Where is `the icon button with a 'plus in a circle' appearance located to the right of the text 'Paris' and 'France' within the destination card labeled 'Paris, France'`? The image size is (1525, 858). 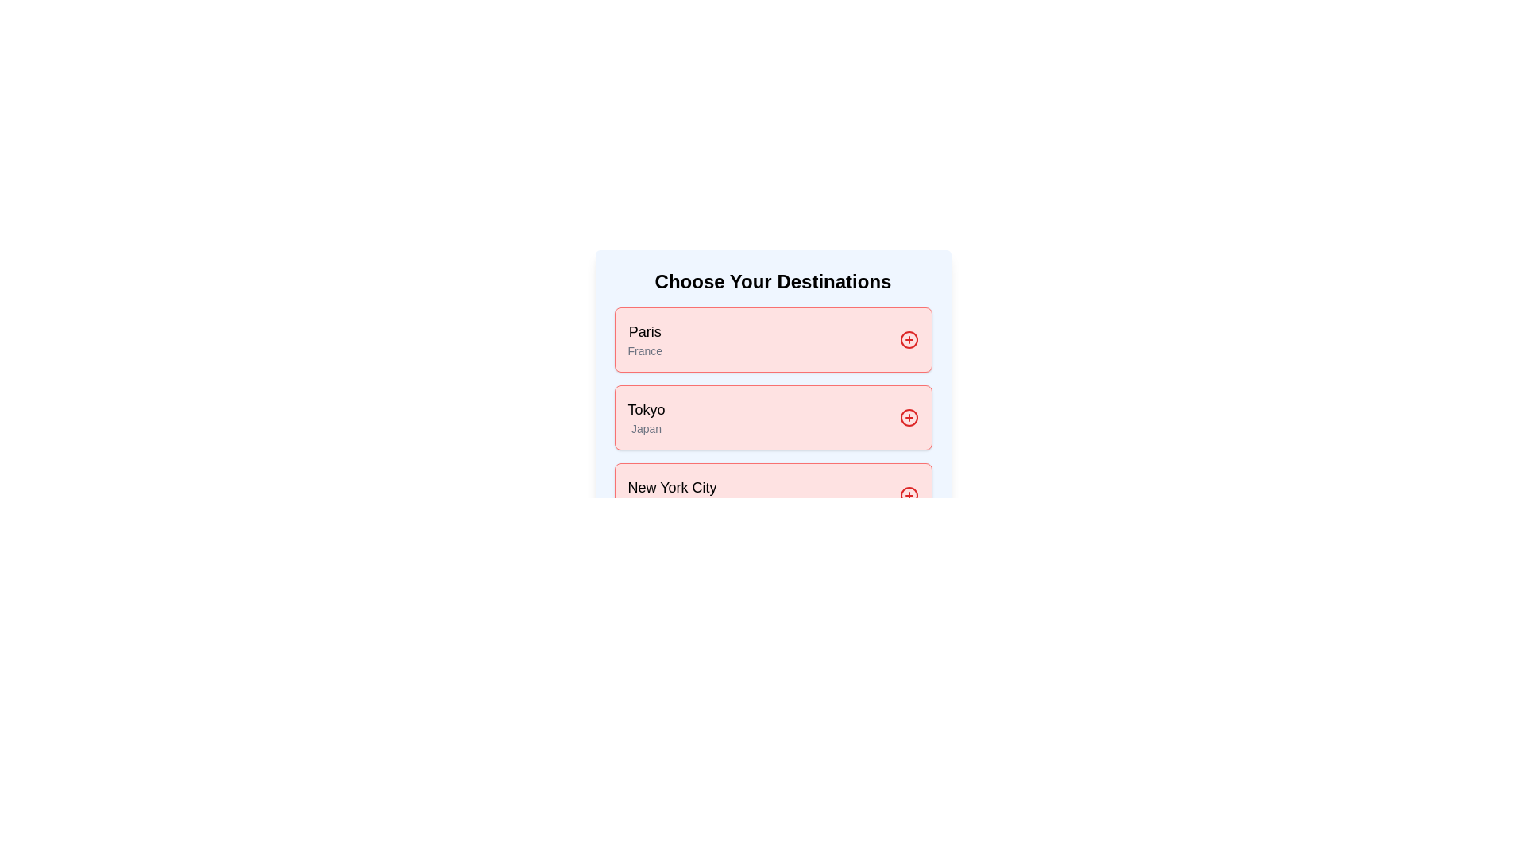
the icon button with a 'plus in a circle' appearance located to the right of the text 'Paris' and 'France' within the destination card labeled 'Paris, France' is located at coordinates (909, 339).